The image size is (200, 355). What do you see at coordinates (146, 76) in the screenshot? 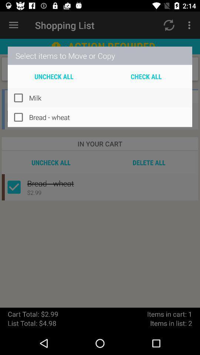
I see `the icon above the milk item` at bounding box center [146, 76].